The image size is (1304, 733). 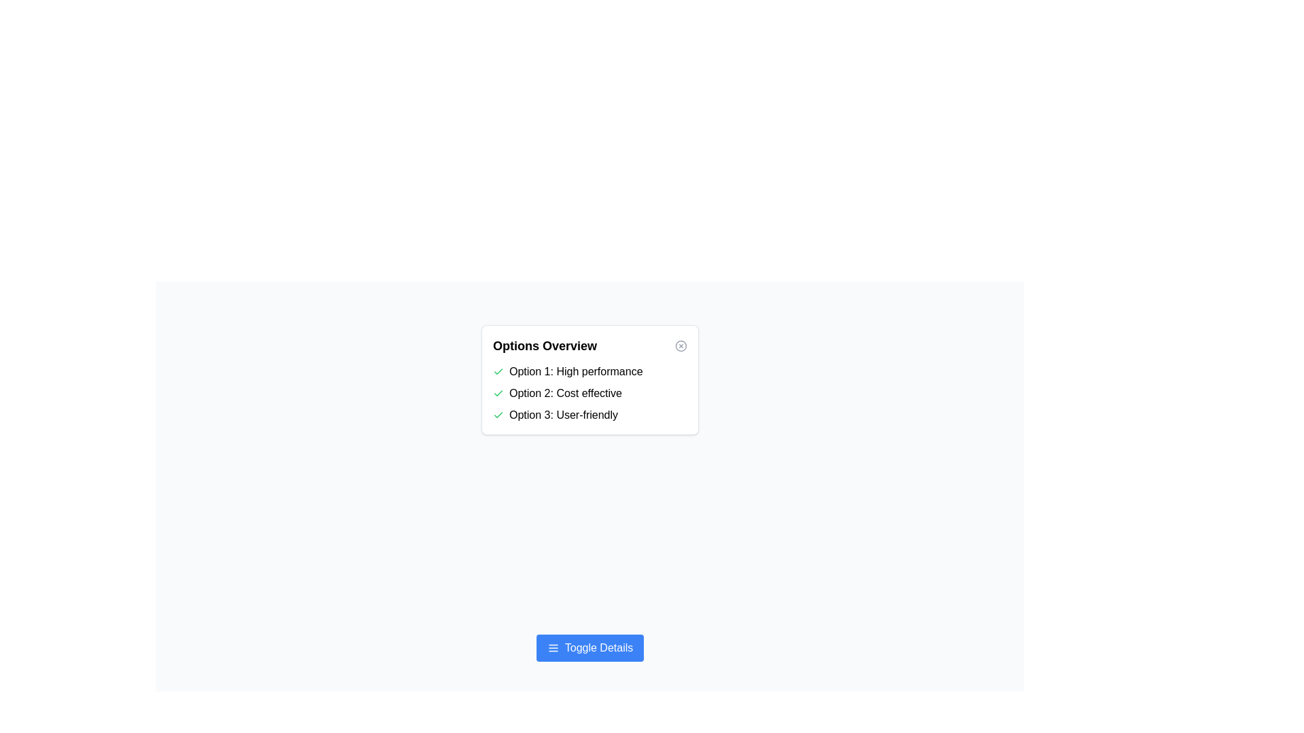 What do you see at coordinates (498, 393) in the screenshot?
I see `the green checkmark icon styled with a rounded line, positioned to the left of the text 'Option 2: Cost effective' in the list of options` at bounding box center [498, 393].